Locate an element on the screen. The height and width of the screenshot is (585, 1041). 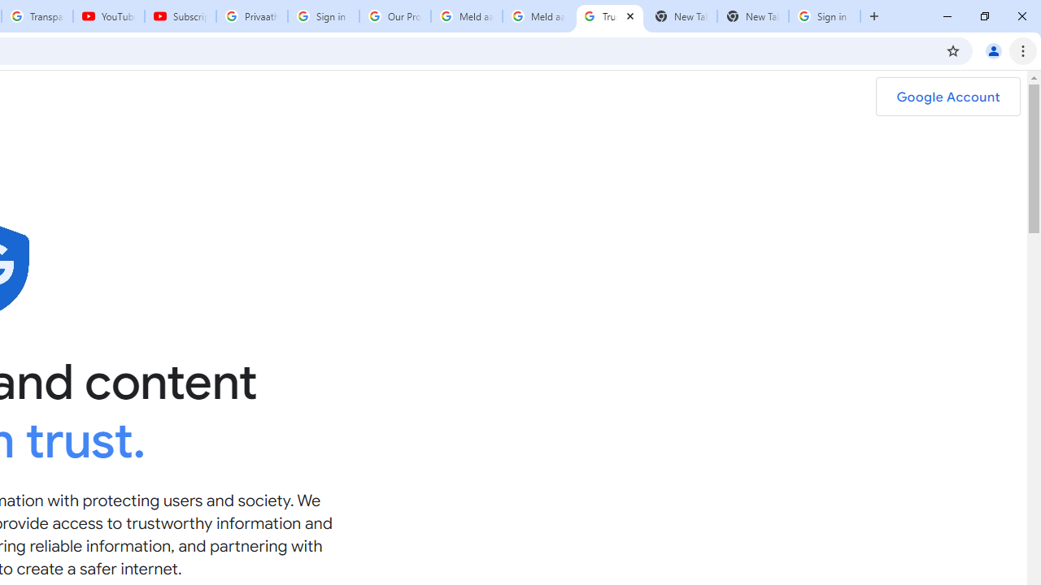
'Google Account' is located at coordinates (947, 97).